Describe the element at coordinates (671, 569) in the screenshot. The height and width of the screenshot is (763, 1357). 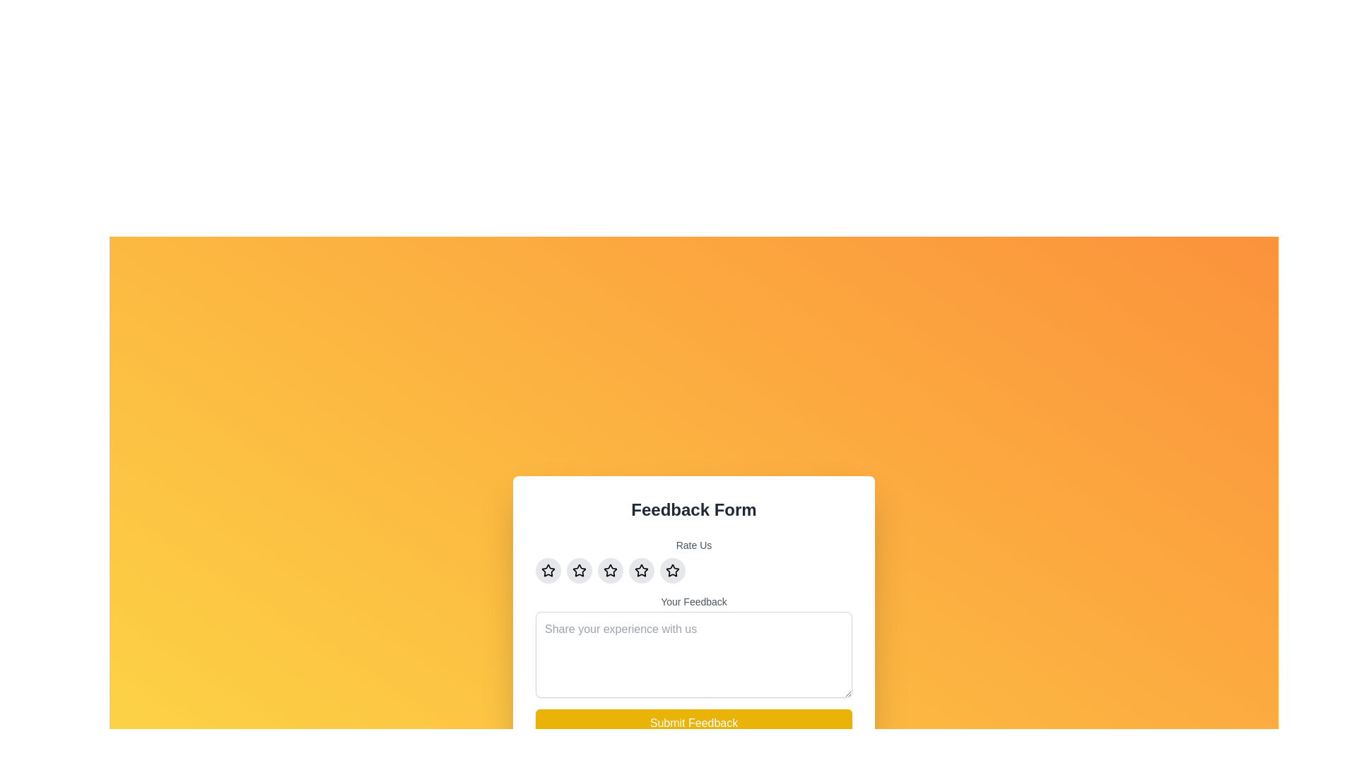
I see `the fifth button in a sequence of five rating buttons` at that location.